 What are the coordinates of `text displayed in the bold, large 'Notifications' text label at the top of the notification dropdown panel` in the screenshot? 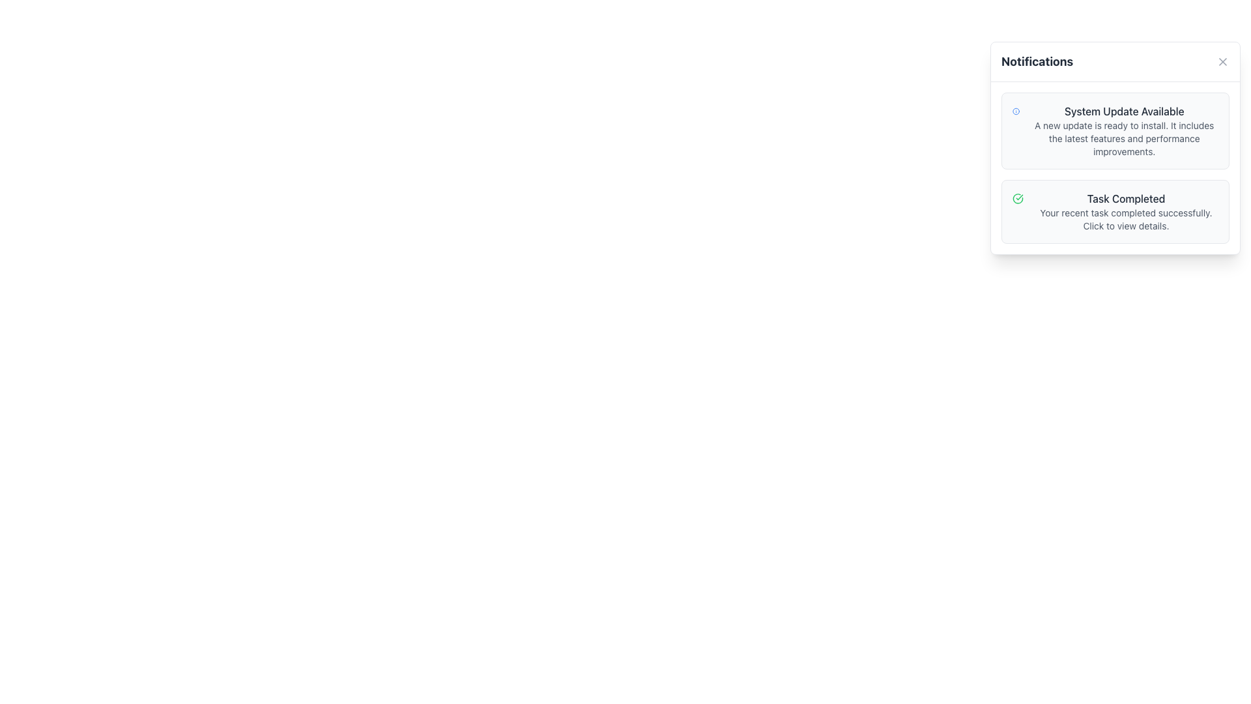 It's located at (1037, 62).